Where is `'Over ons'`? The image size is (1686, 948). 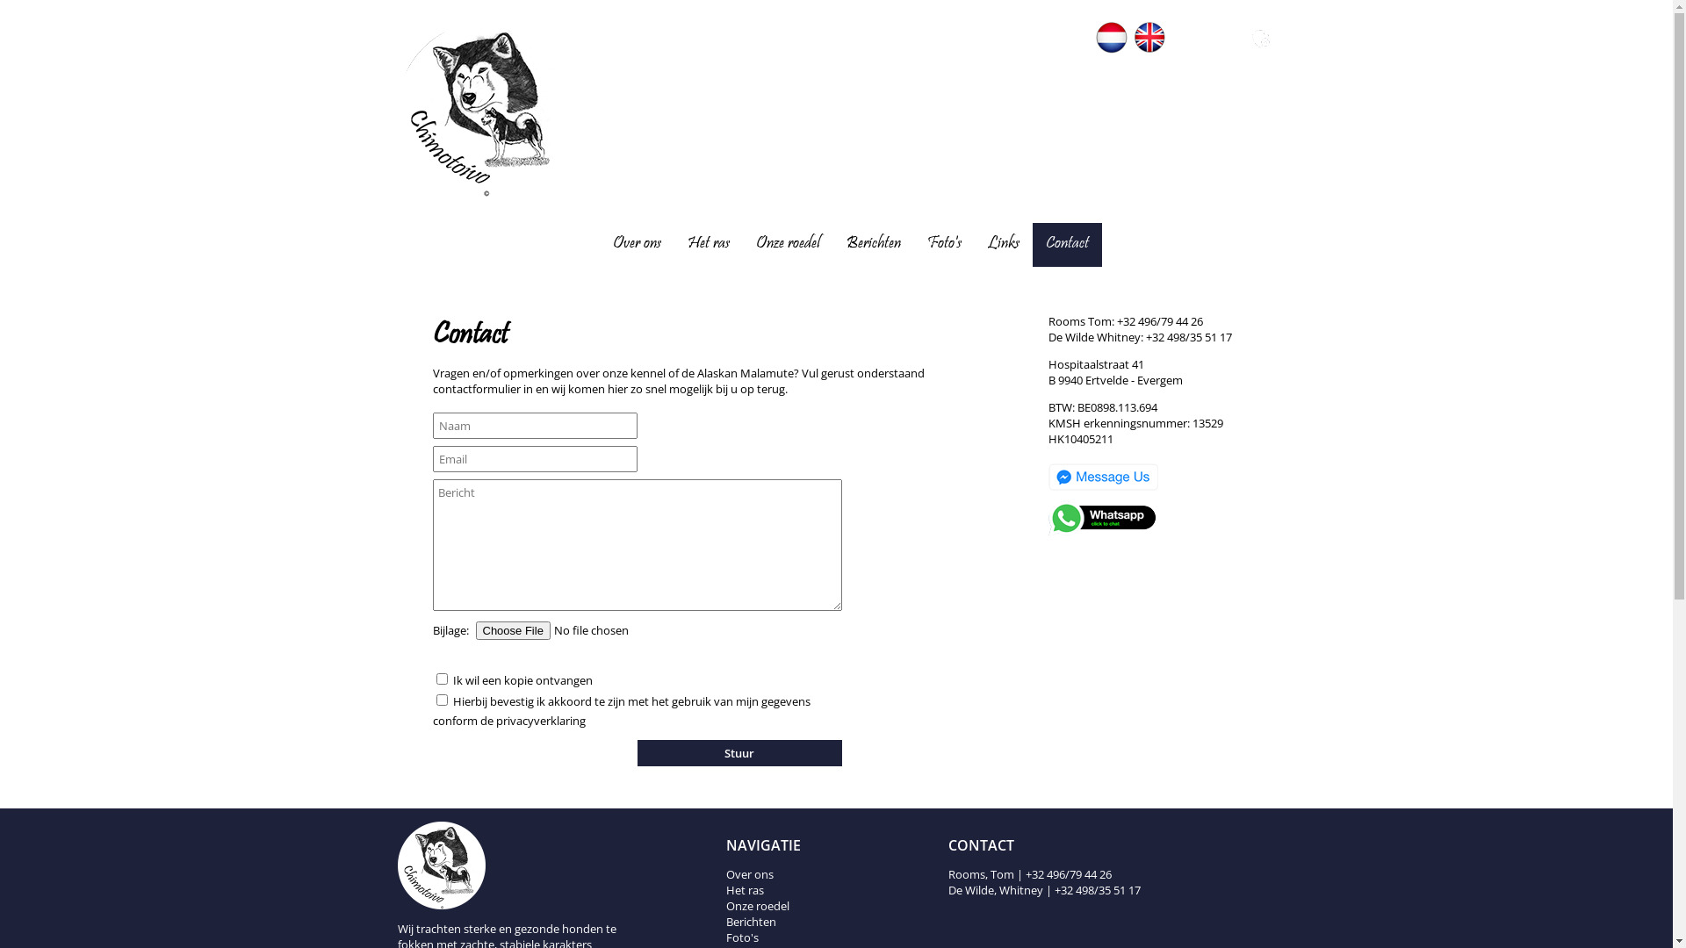
'Over ons' is located at coordinates (636, 244).